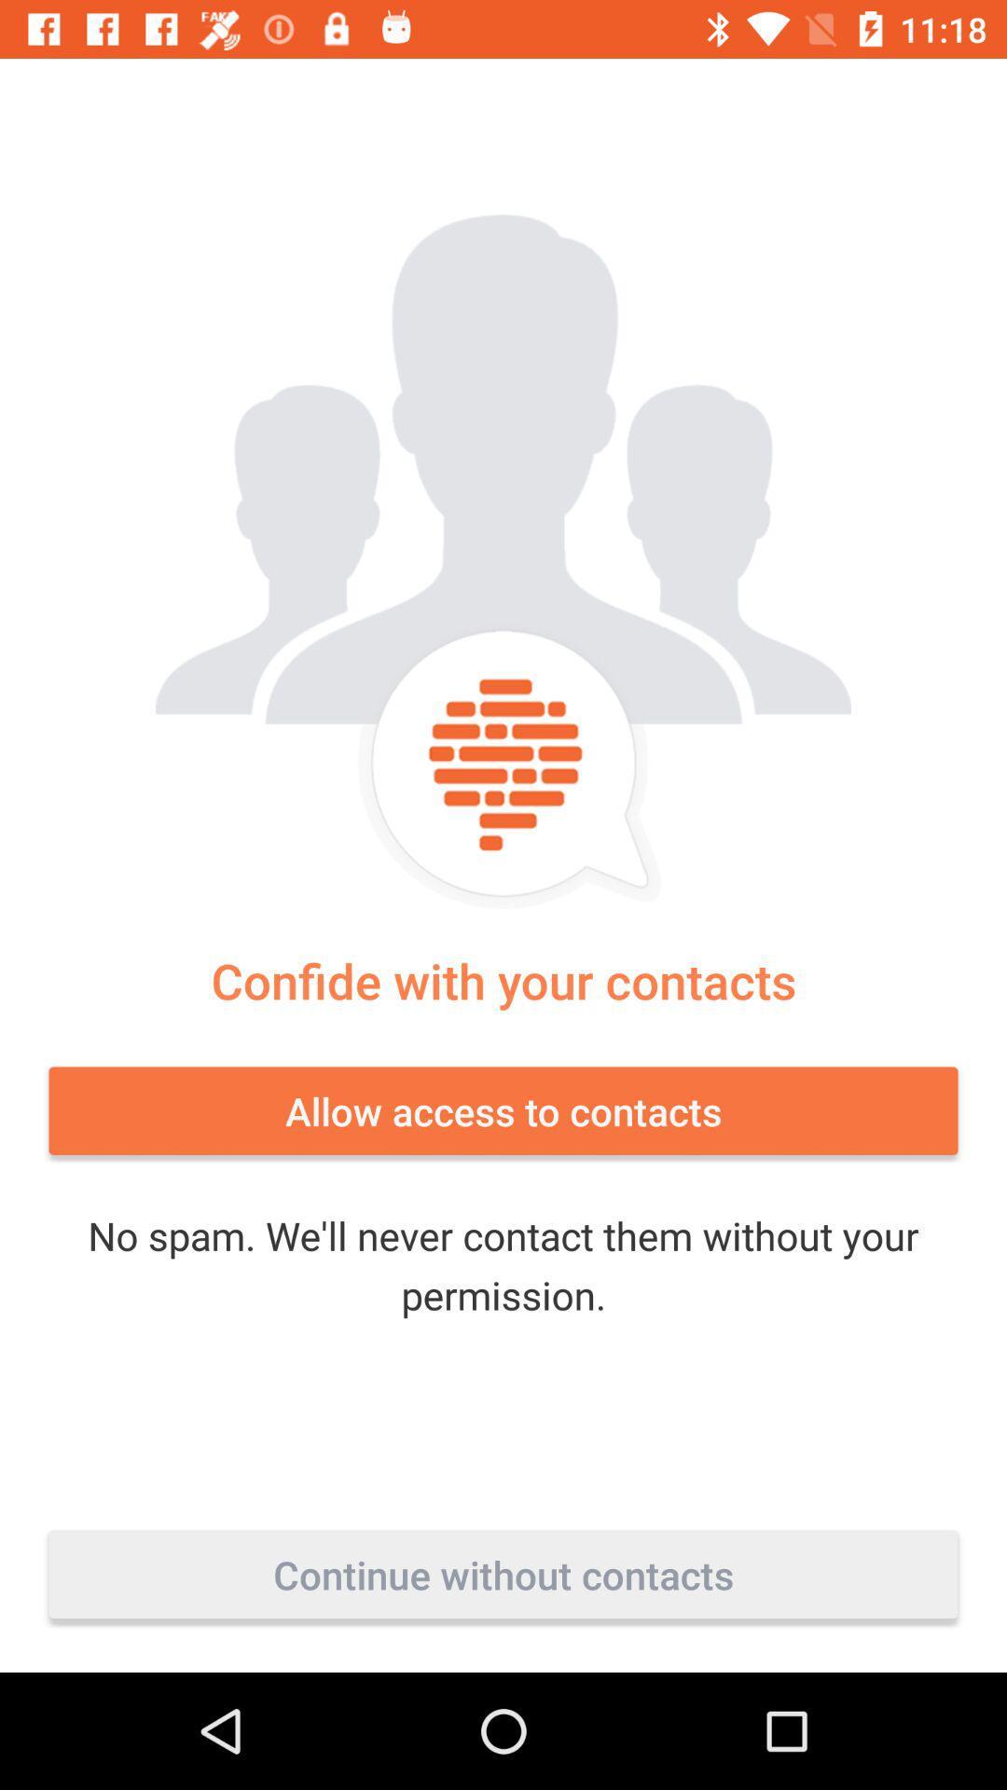  Describe the element at coordinates (504, 1574) in the screenshot. I see `the continue without contacts item` at that location.